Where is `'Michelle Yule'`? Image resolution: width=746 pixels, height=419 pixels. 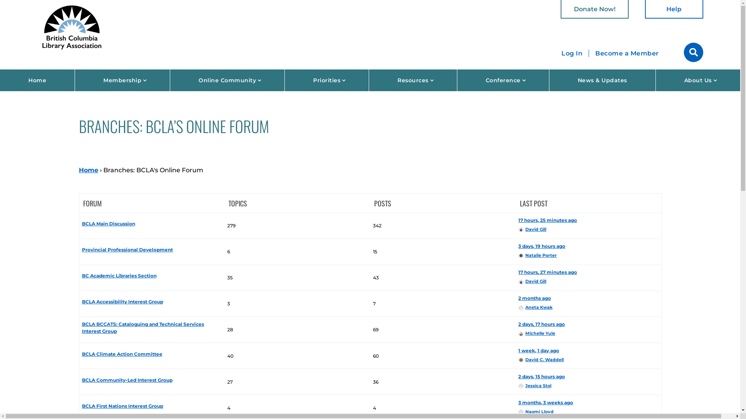 'Michelle Yule' is located at coordinates (536, 333).